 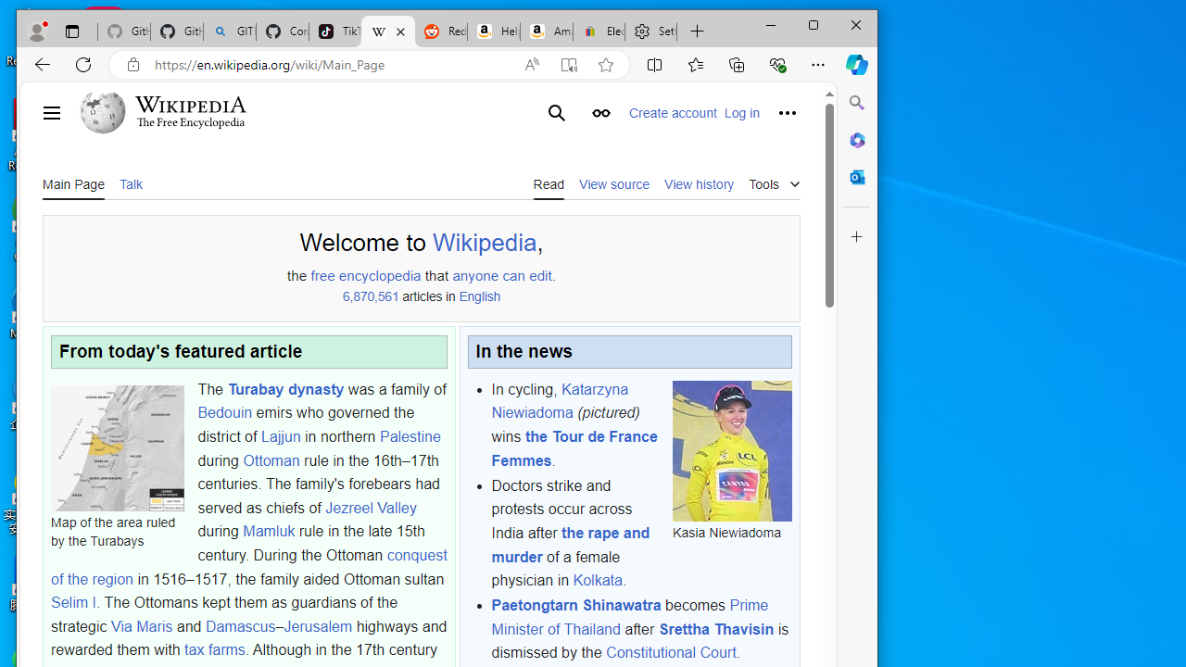 What do you see at coordinates (378, 275) in the screenshot?
I see `'encyclopedia'` at bounding box center [378, 275].